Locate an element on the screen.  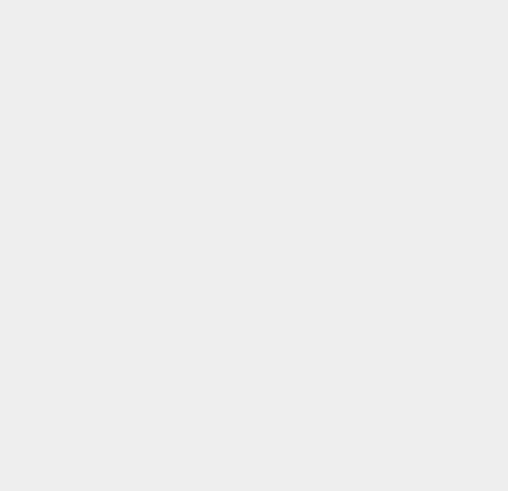
'BlackBerry' is located at coordinates (375, 188).